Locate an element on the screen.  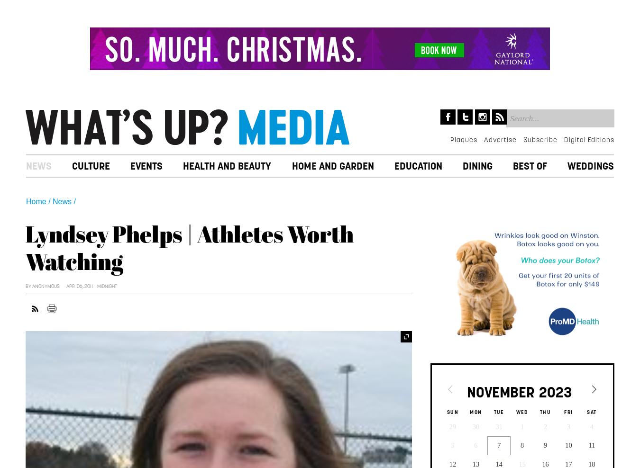
'Culture' is located at coordinates (91, 165).